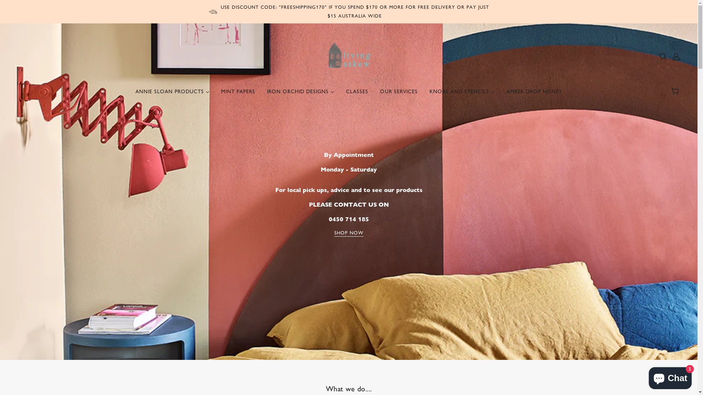  I want to click on 'MINT PAPERS', so click(238, 94).